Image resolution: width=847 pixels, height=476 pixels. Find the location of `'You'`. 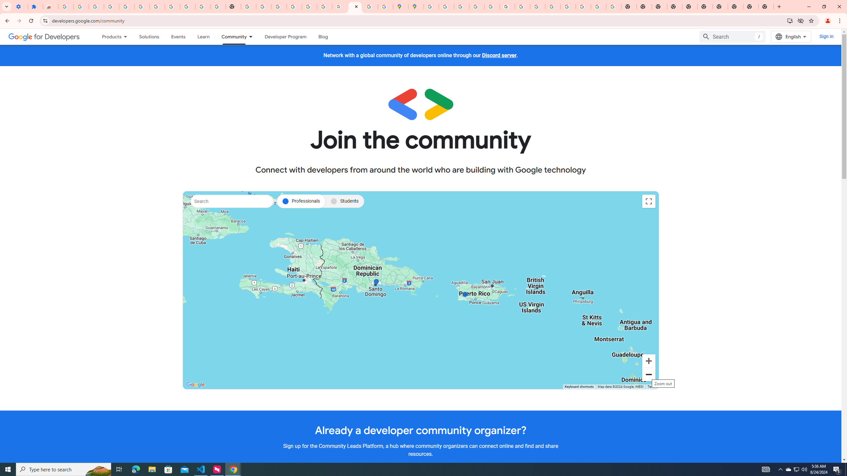

'You' is located at coordinates (828, 20).